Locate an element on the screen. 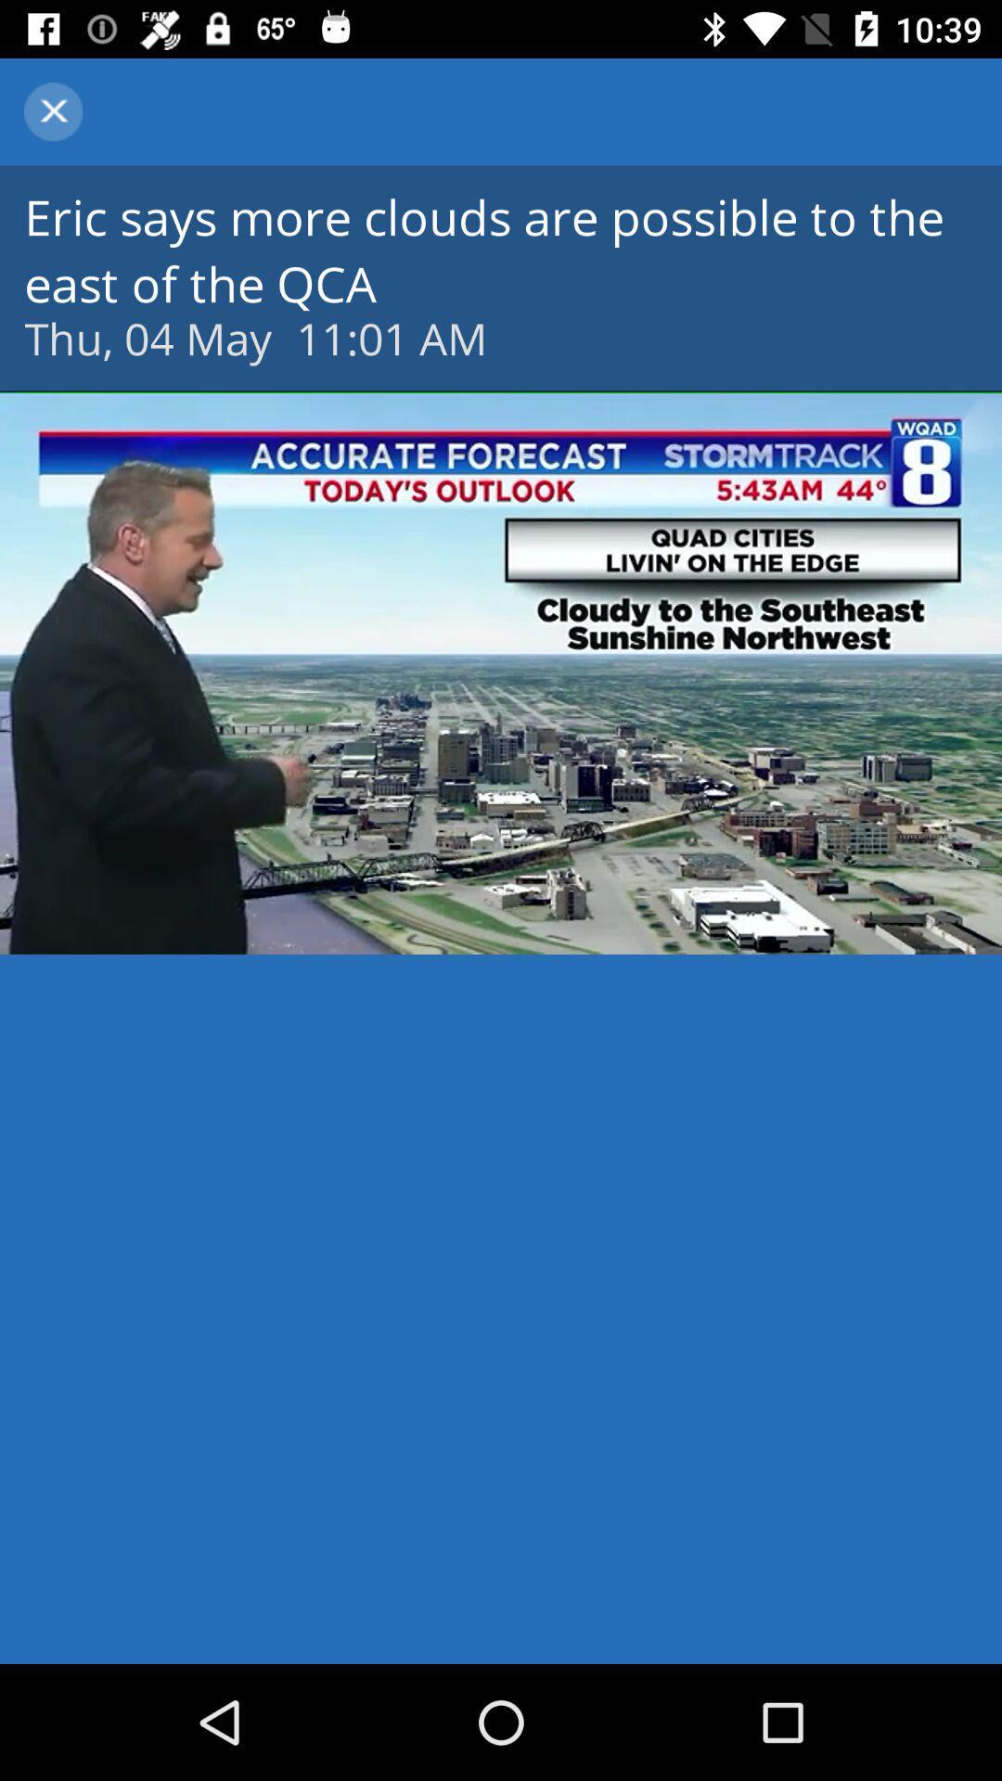 The image size is (1002, 1781). the close icon is located at coordinates (52, 110).